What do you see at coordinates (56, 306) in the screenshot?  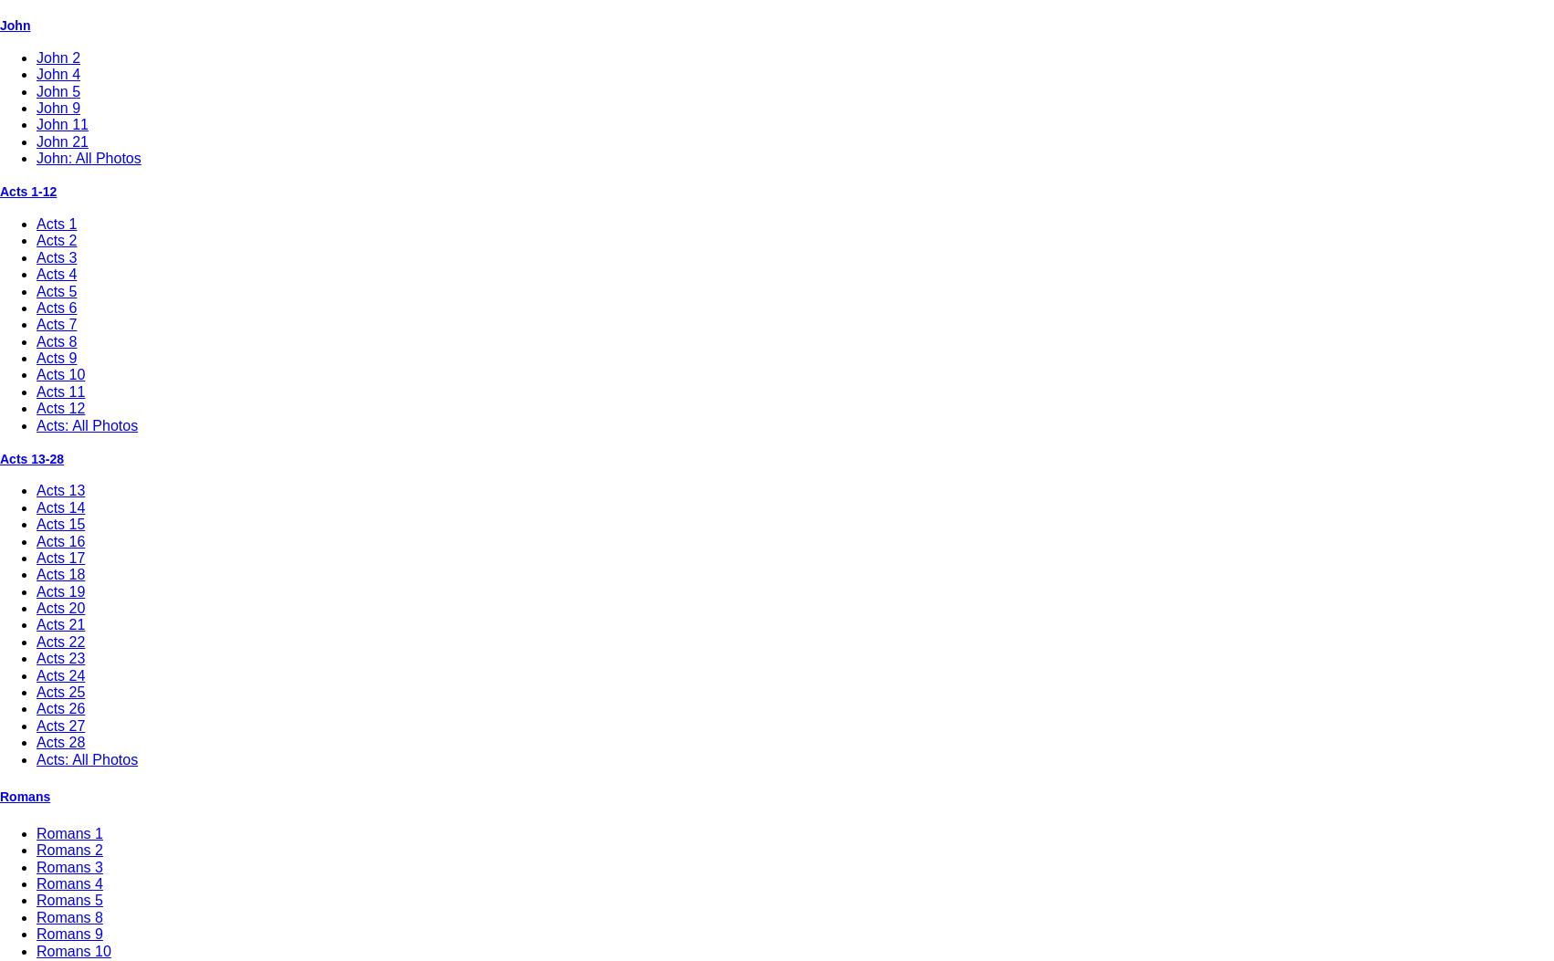 I see `'Acts 6'` at bounding box center [56, 306].